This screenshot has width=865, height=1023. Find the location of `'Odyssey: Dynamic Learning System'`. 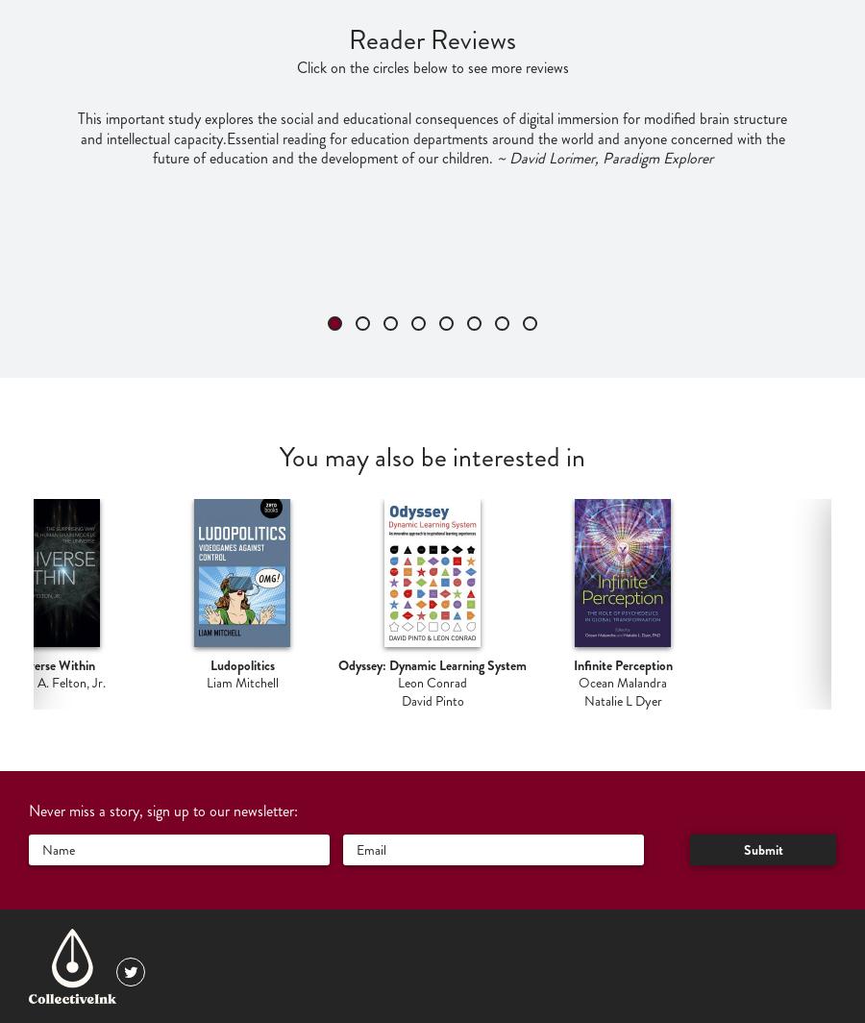

'Odyssey: Dynamic Learning System' is located at coordinates (432, 665).